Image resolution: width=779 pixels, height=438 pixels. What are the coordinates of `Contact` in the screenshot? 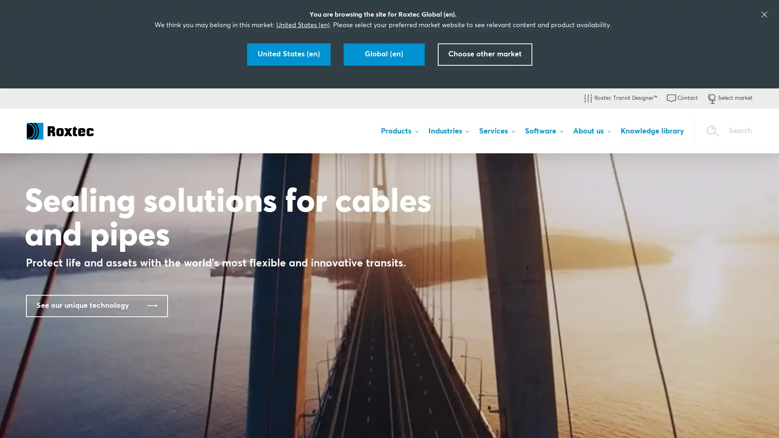 It's located at (682, 98).